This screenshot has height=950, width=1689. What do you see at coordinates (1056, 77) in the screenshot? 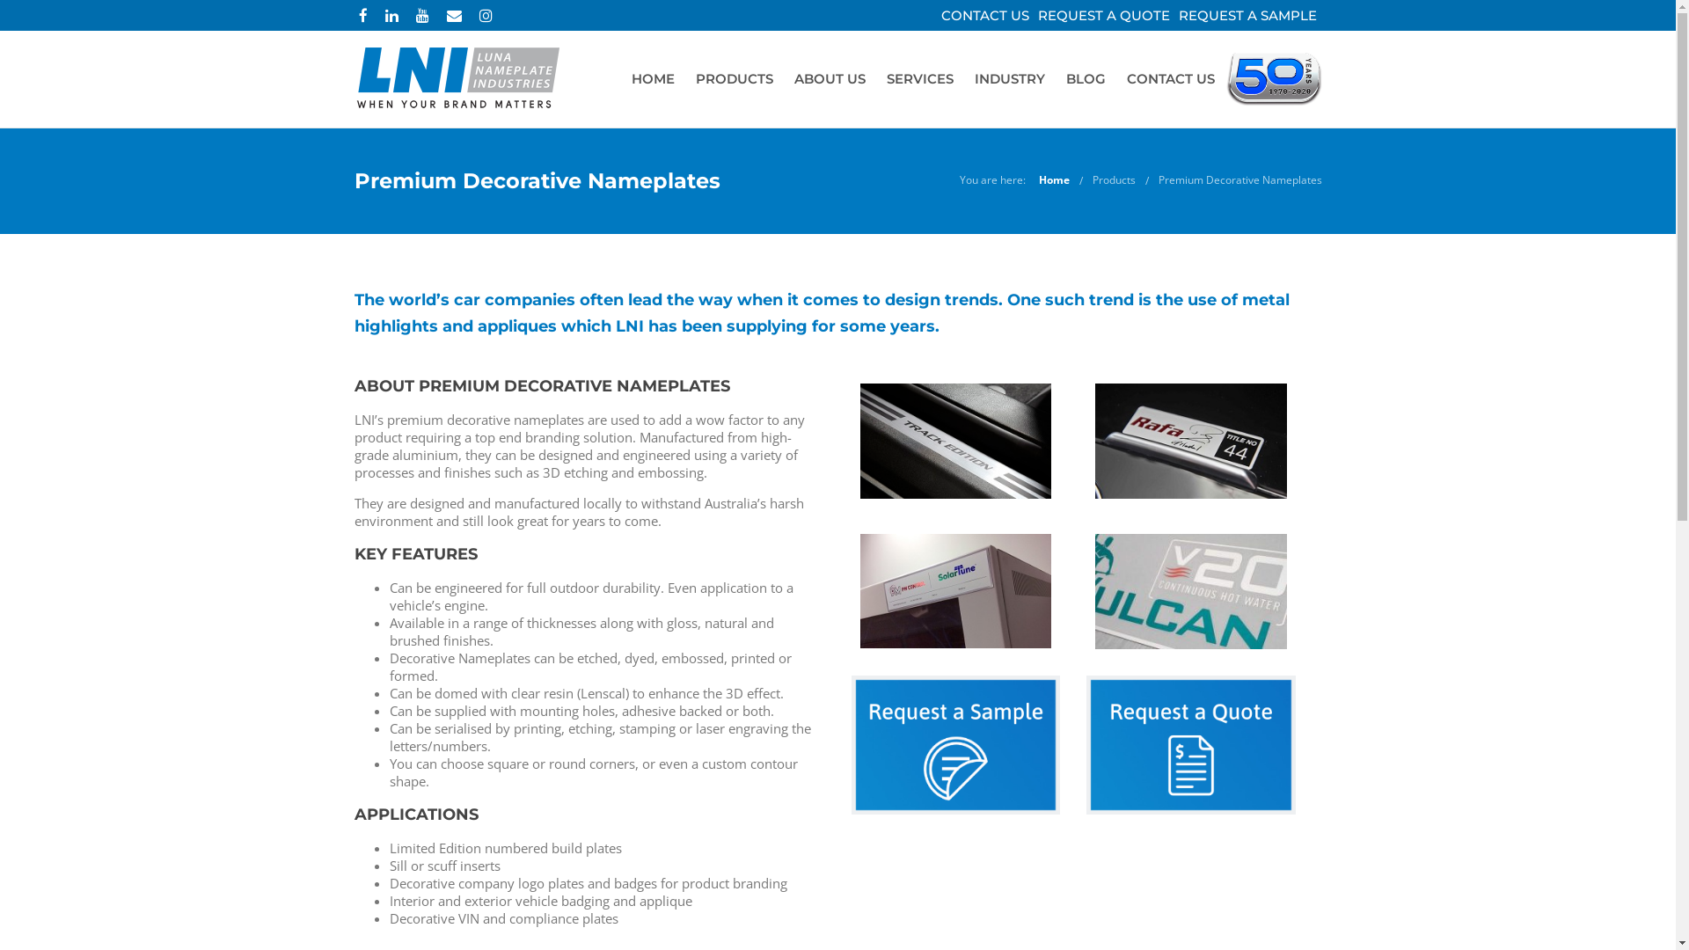
I see `'BLOG'` at bounding box center [1056, 77].